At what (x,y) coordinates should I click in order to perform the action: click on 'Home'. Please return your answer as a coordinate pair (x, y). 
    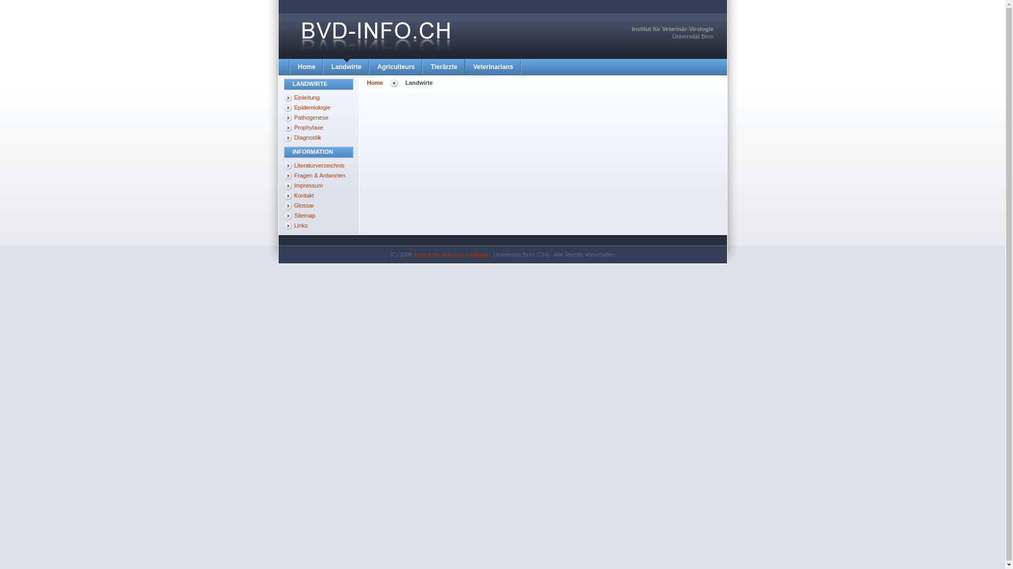
    Looking at the image, I should click on (375, 82).